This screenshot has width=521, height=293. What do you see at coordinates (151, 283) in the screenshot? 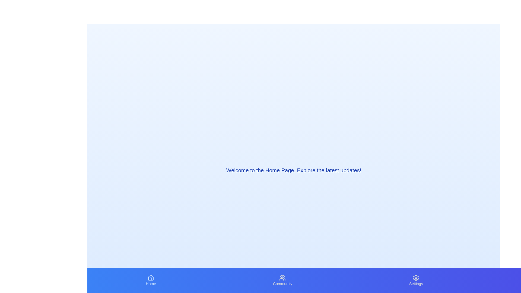
I see `the 'Home' text label located in the bottom navigation bar, which is centered under the home icon` at bounding box center [151, 283].